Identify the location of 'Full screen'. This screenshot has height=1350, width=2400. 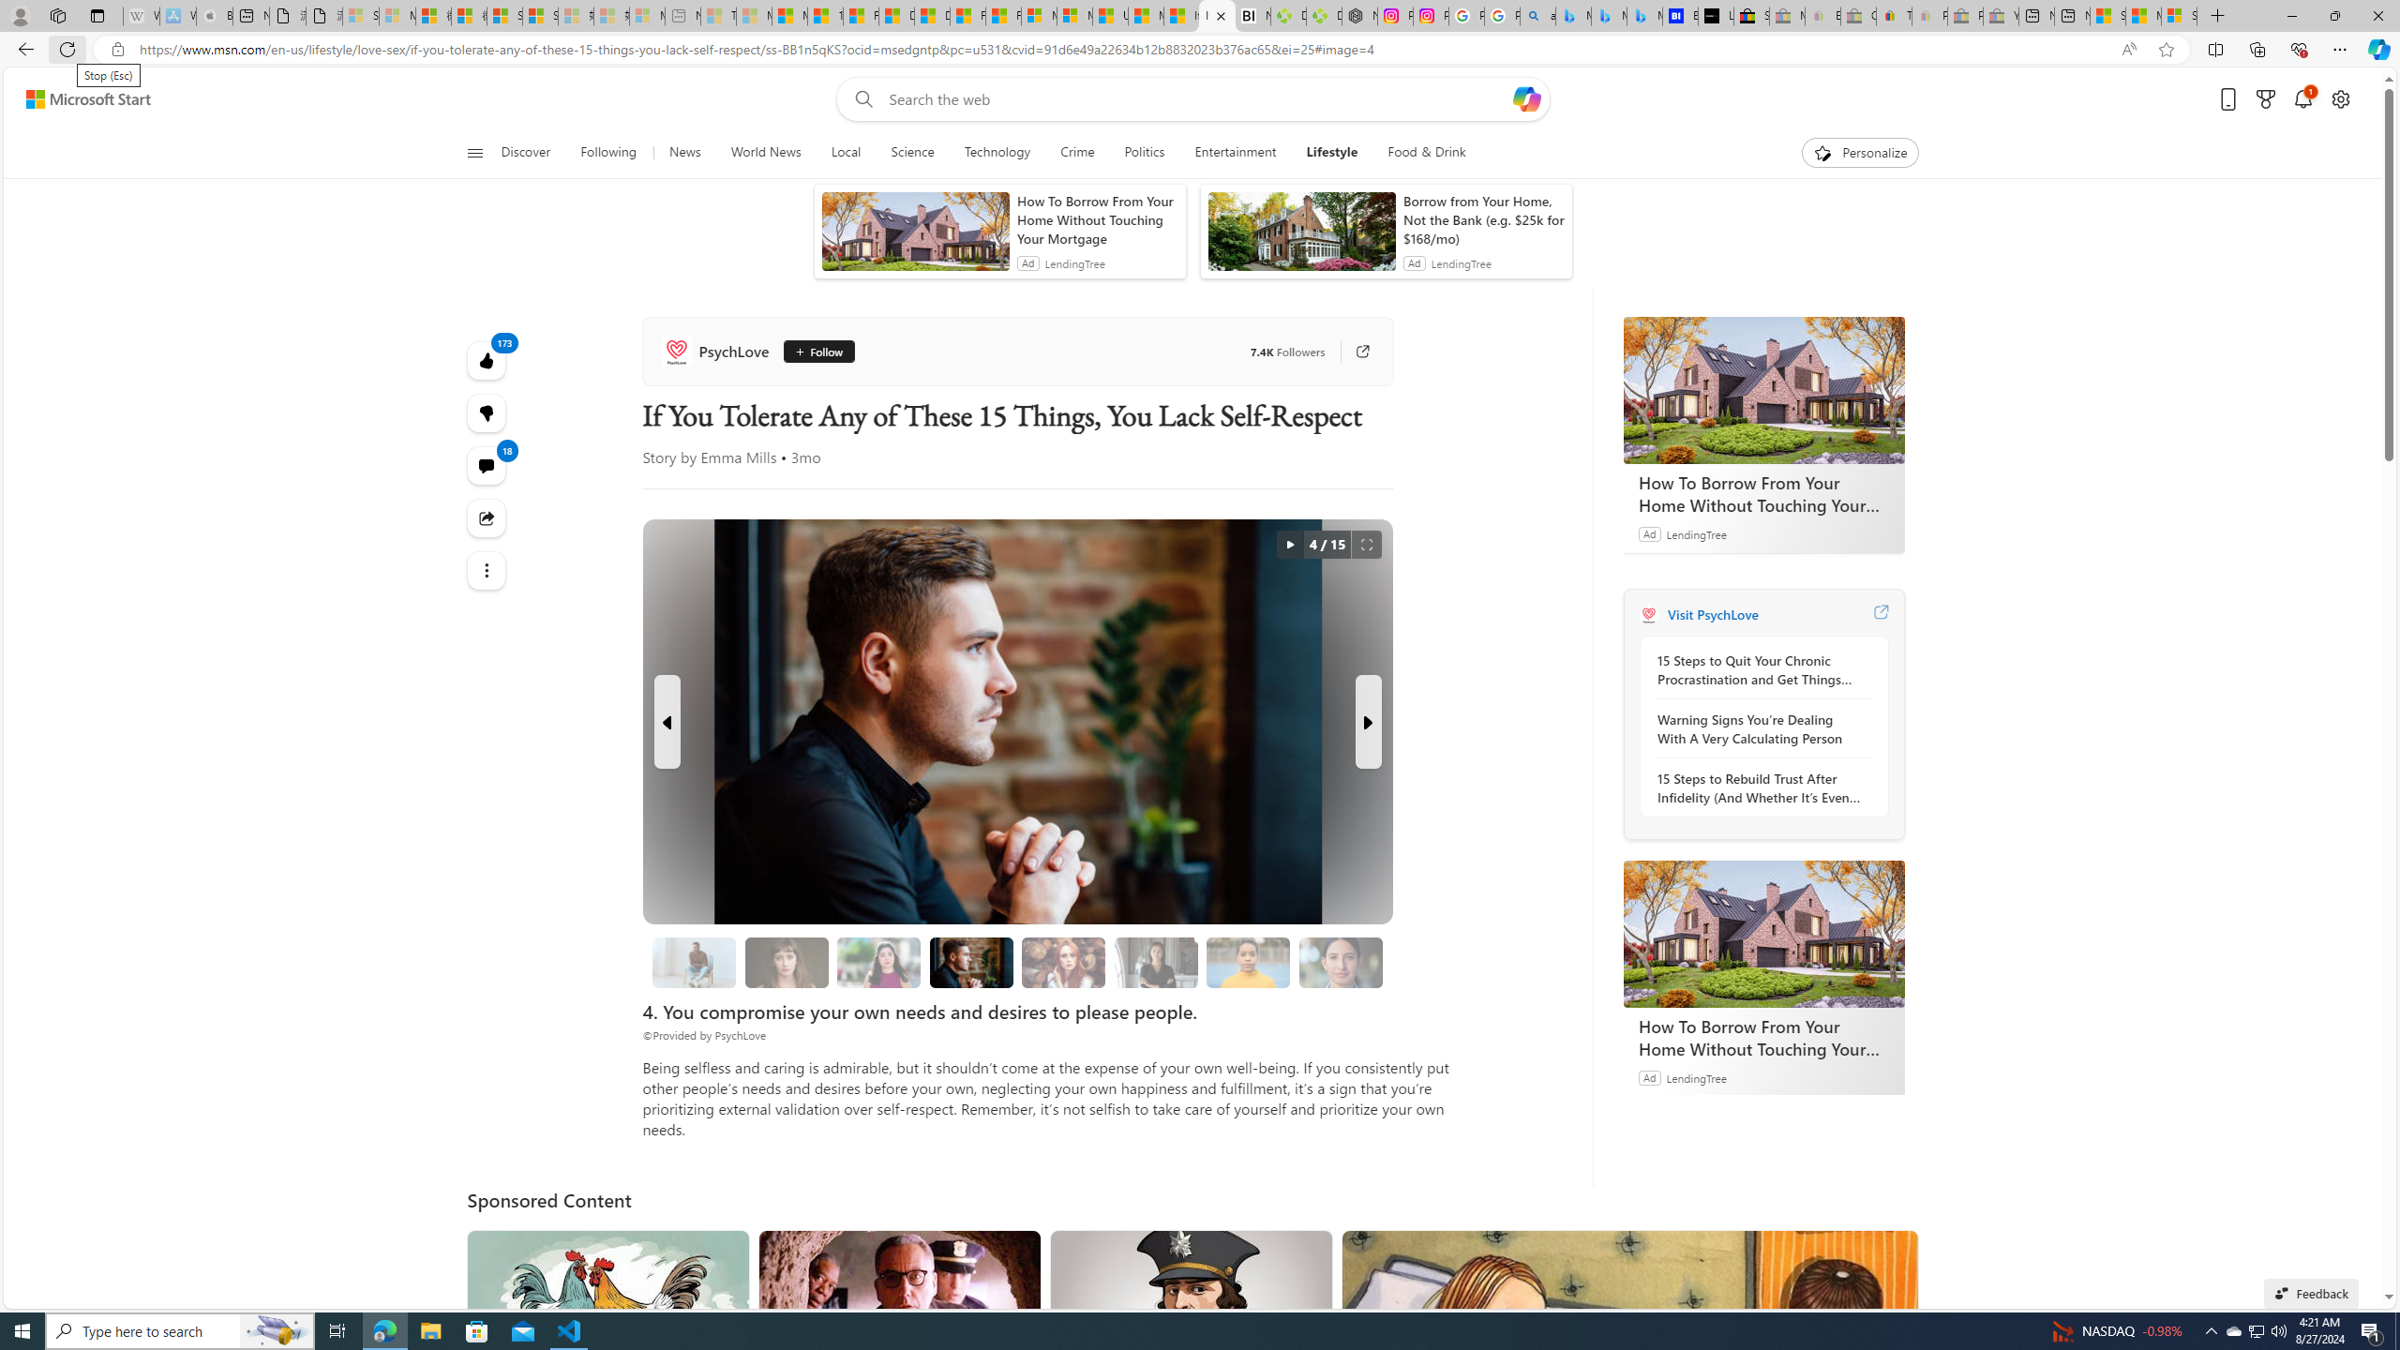
(1365, 545).